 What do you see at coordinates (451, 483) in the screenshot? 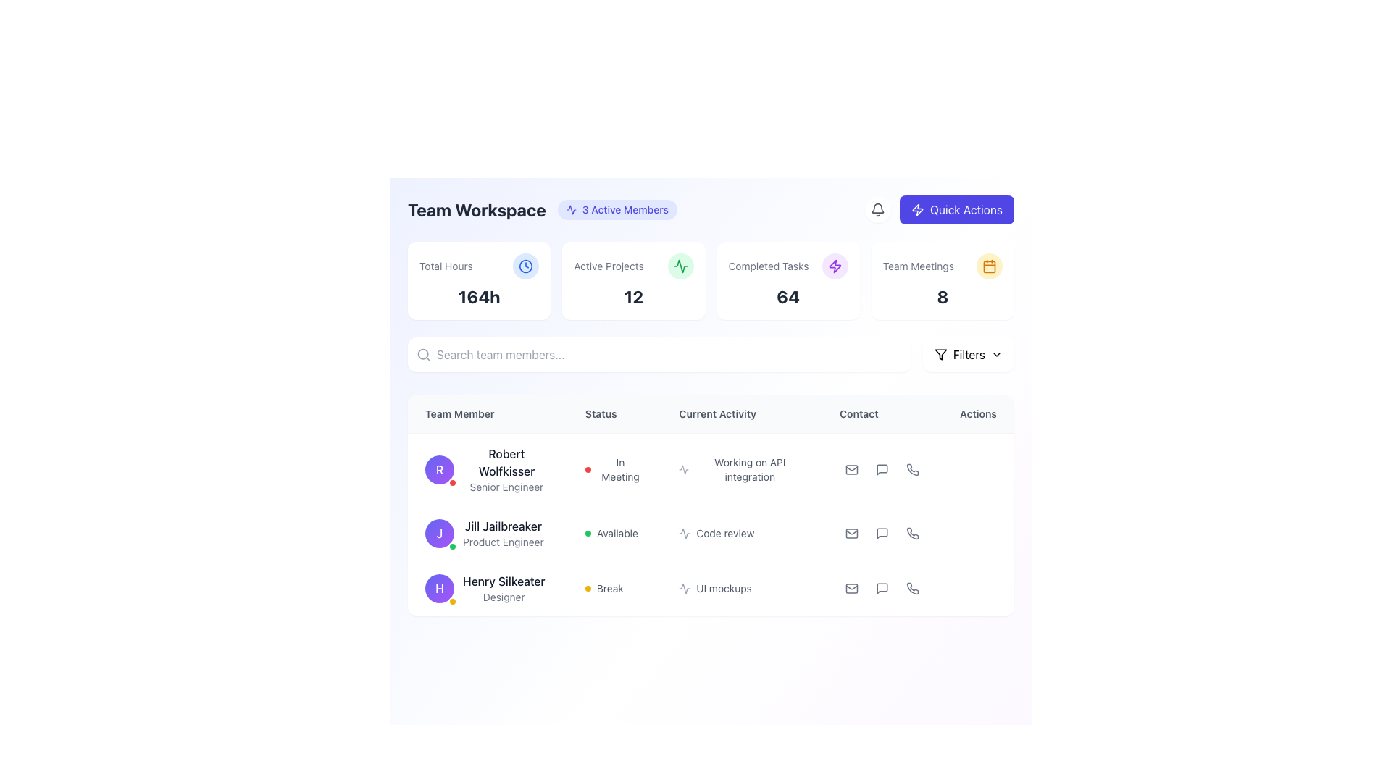
I see `the small status indicator or notification badge located at the bottom-right corner of the avatar with the letter 'R' inside, which is part of the first row in the 'Team Member' column under 'Robert Wolfkisser'` at bounding box center [451, 483].